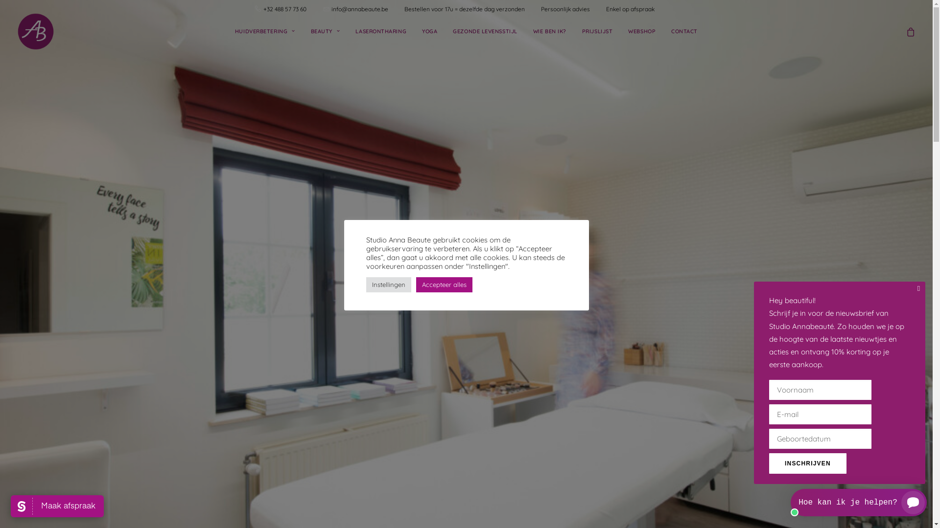 The height and width of the screenshot is (528, 940). Describe the element at coordinates (664, 31) in the screenshot. I see `'CONTACT'` at that location.